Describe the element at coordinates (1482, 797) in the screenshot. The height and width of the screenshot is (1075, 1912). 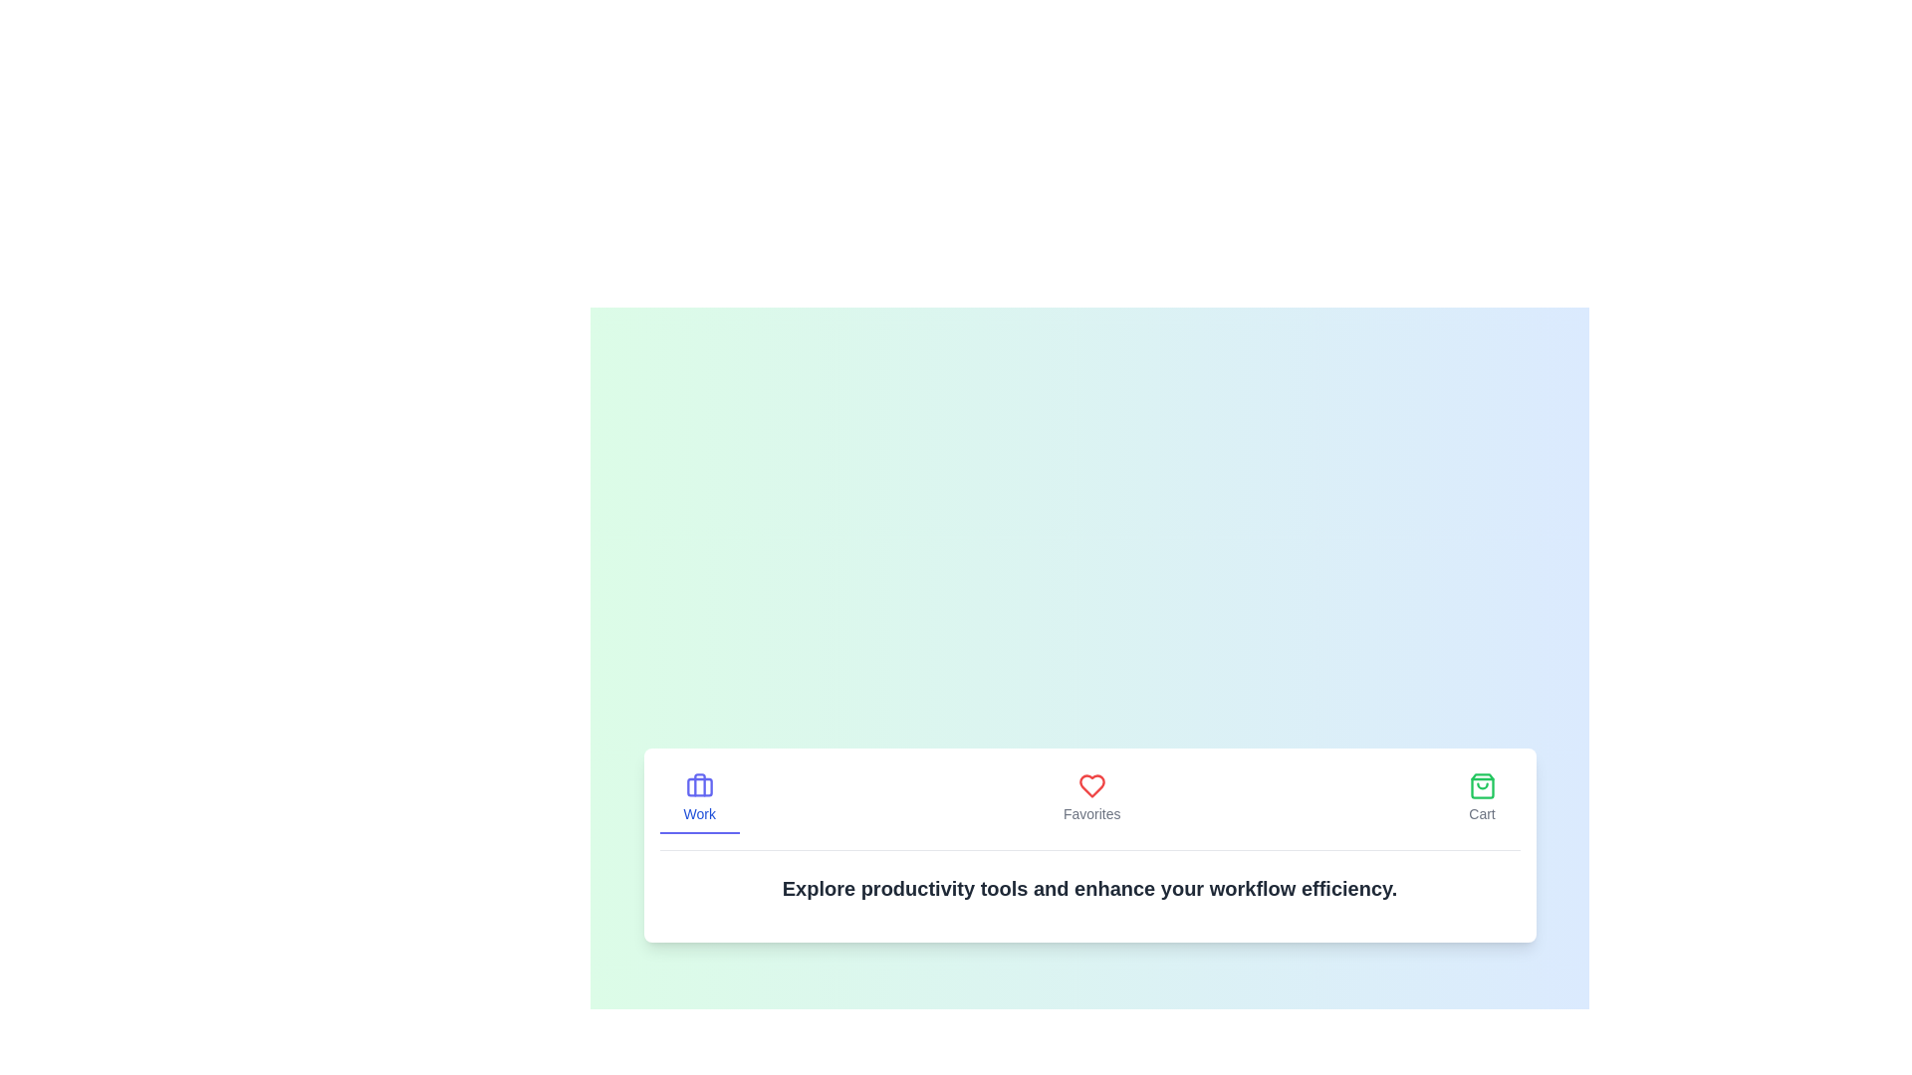
I see `the tab icon Cart to observe the visual effect` at that location.